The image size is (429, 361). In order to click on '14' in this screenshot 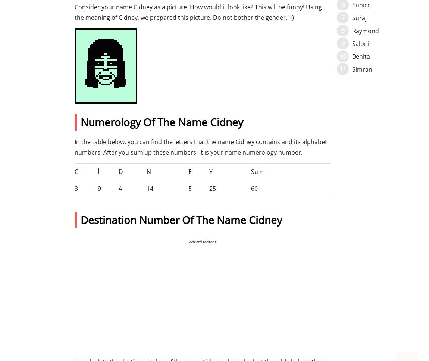, I will do `click(150, 188)`.